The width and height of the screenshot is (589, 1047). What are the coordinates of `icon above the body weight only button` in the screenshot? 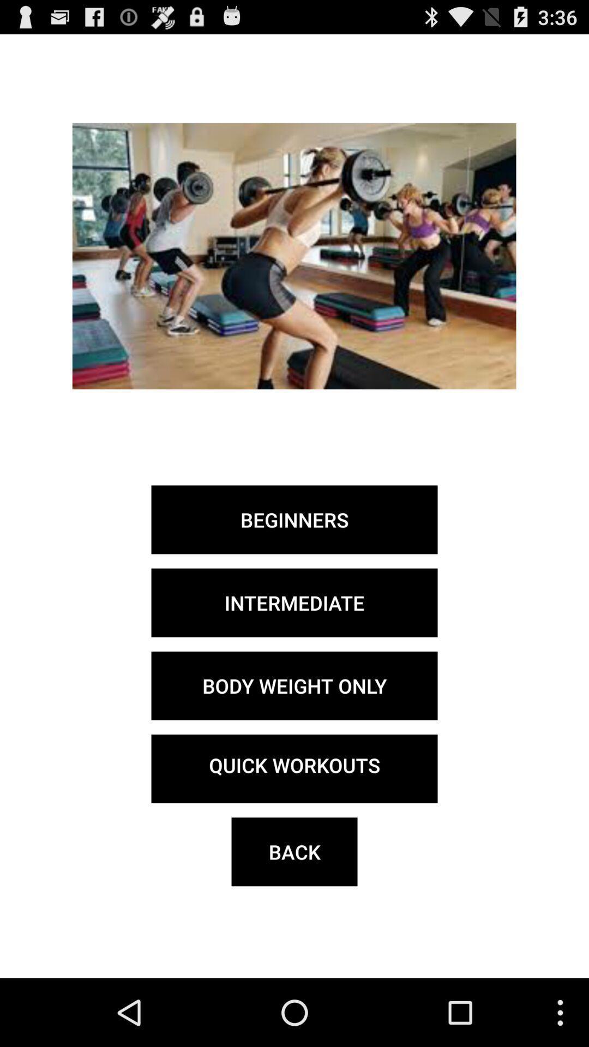 It's located at (294, 602).